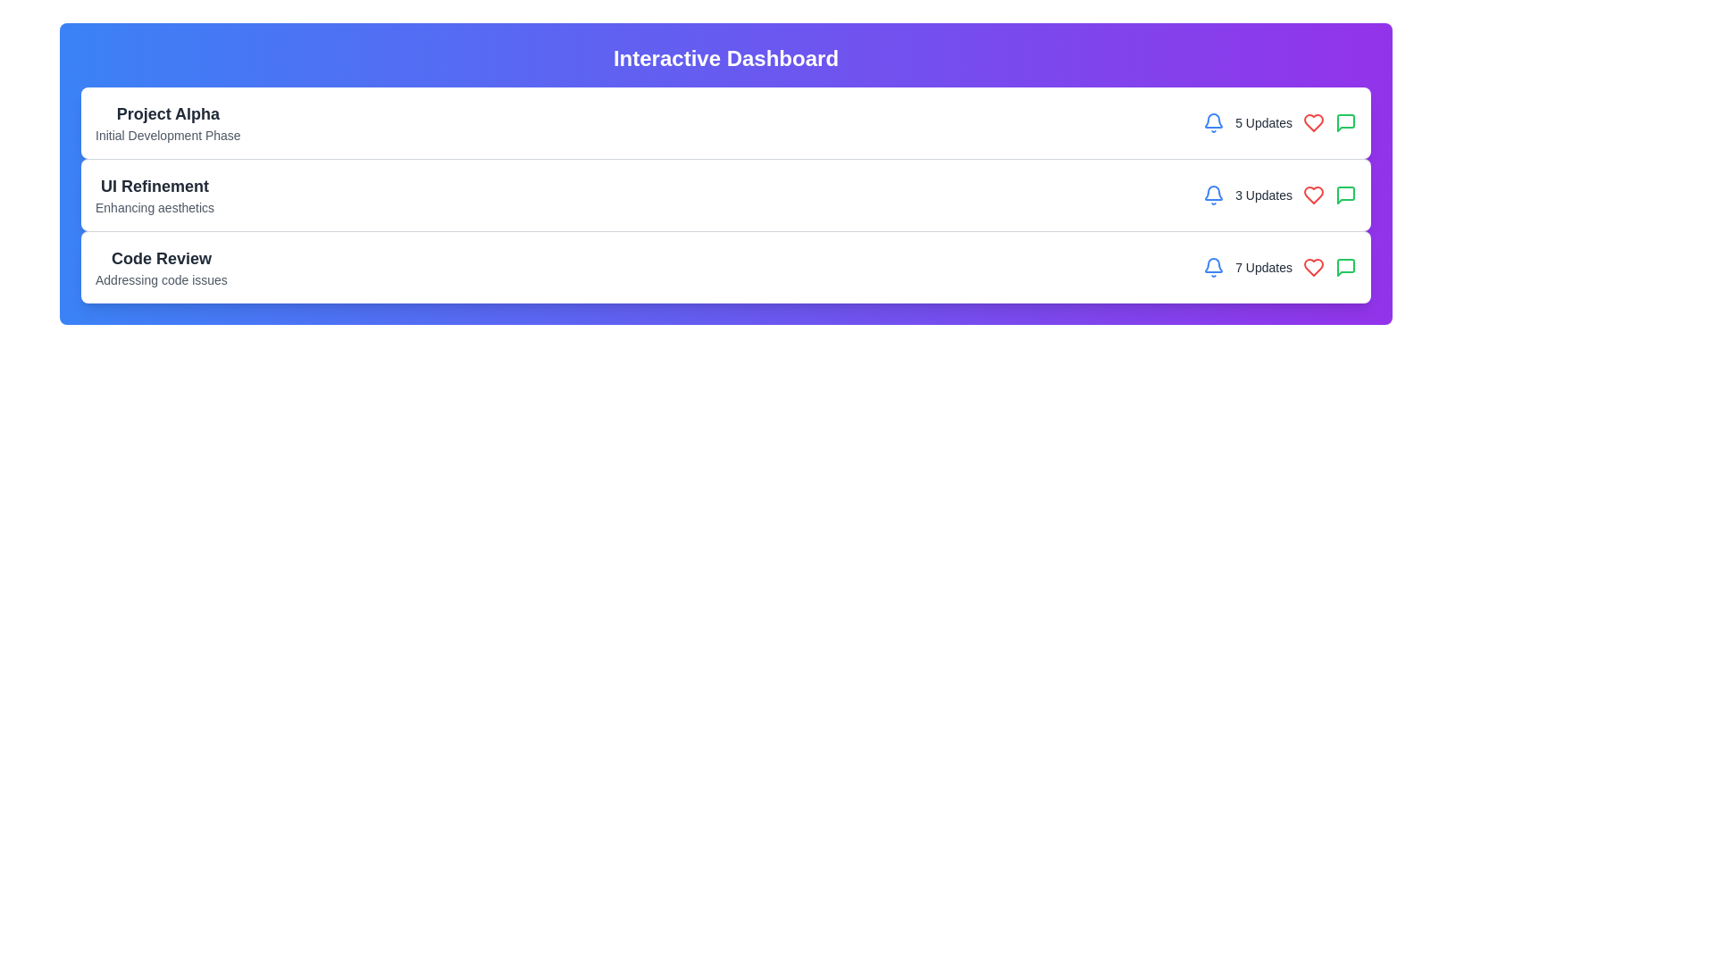 The height and width of the screenshot is (964, 1715). I want to click on the green message icon representing '5 Updates', so click(1346, 122).